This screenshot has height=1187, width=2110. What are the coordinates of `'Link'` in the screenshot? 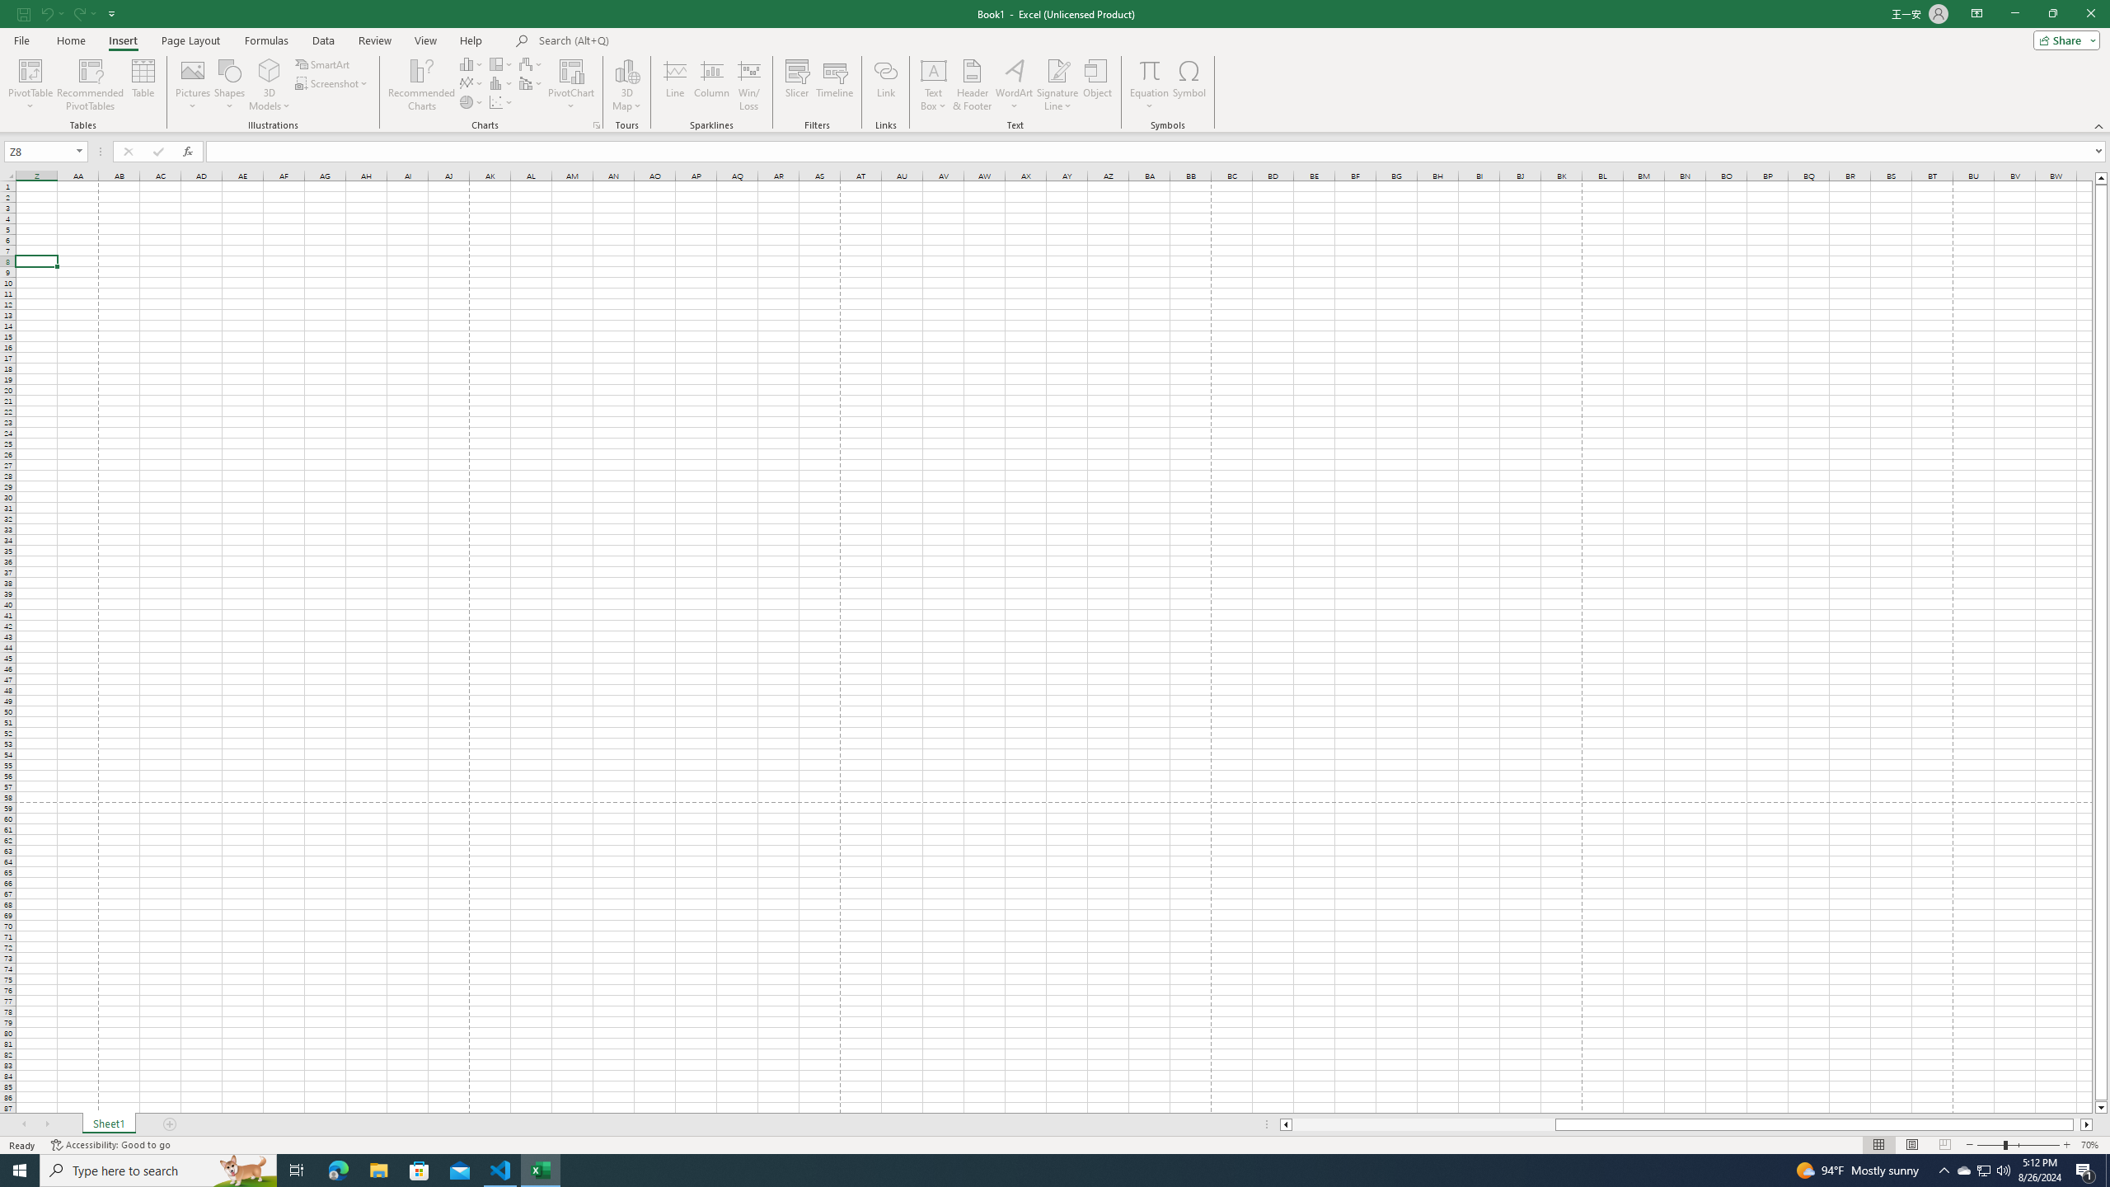 It's located at (886, 85).